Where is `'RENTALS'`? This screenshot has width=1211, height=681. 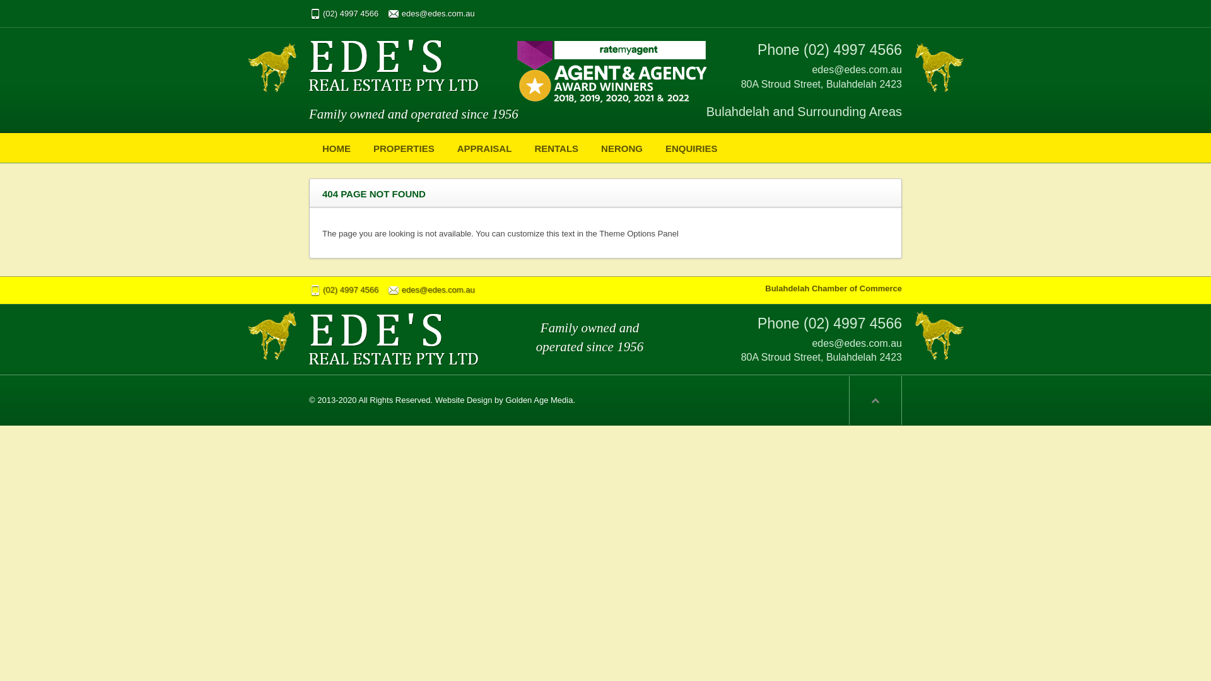
'RENTALS' is located at coordinates (556, 147).